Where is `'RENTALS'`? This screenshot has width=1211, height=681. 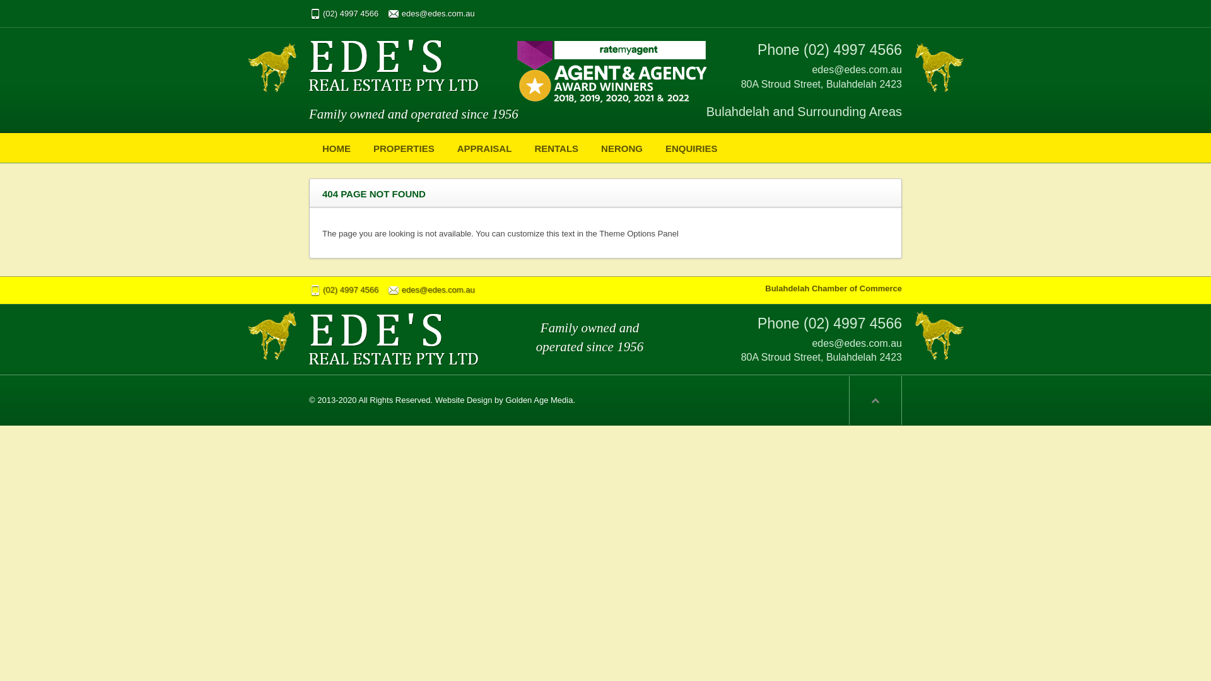
'RENTALS' is located at coordinates (556, 147).